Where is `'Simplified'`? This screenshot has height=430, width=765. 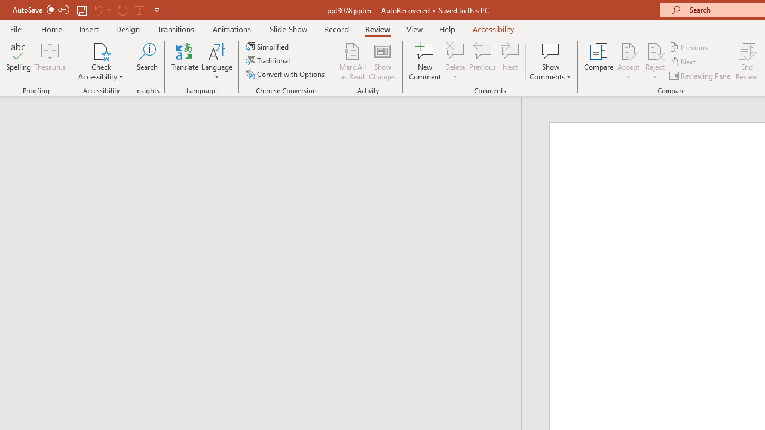
'Simplified' is located at coordinates (268, 46).